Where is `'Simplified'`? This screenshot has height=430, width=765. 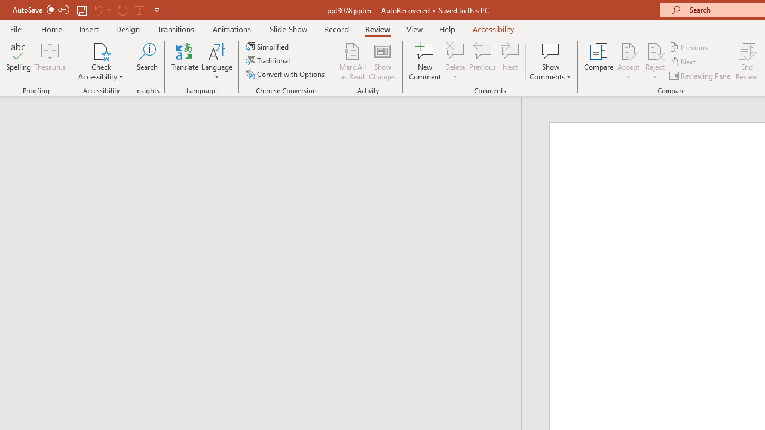
'Simplified' is located at coordinates (268, 46).